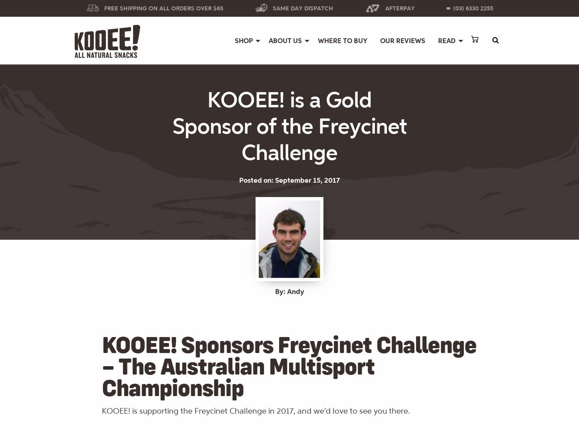  Describe the element at coordinates (288, 365) in the screenshot. I see `'KOOEE! Sponsors Freycinet Challenge – The Australian Multisport Championship'` at that location.